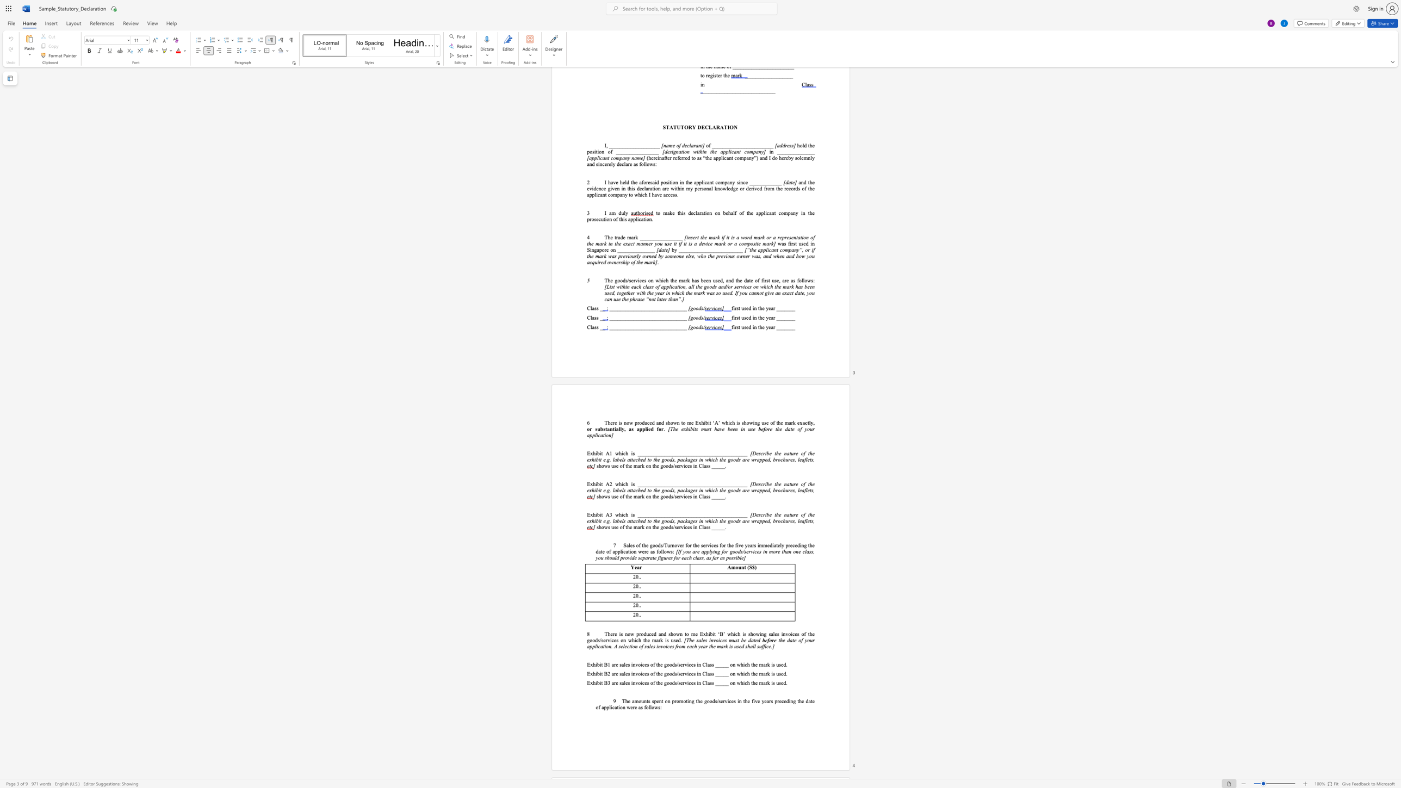  Describe the element at coordinates (768, 484) in the screenshot. I see `the subset text "e the na" within the text "[Describe the nature of the exhibit"` at that location.